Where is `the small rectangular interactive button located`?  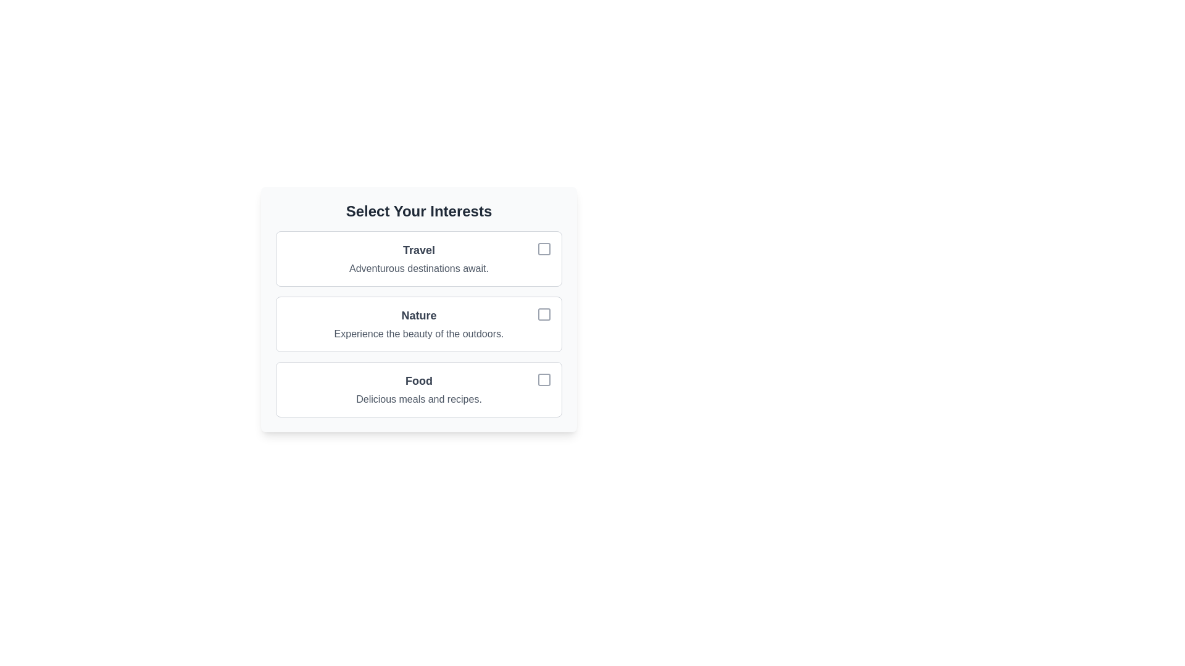
the small rectangular interactive button located is located at coordinates (544, 379).